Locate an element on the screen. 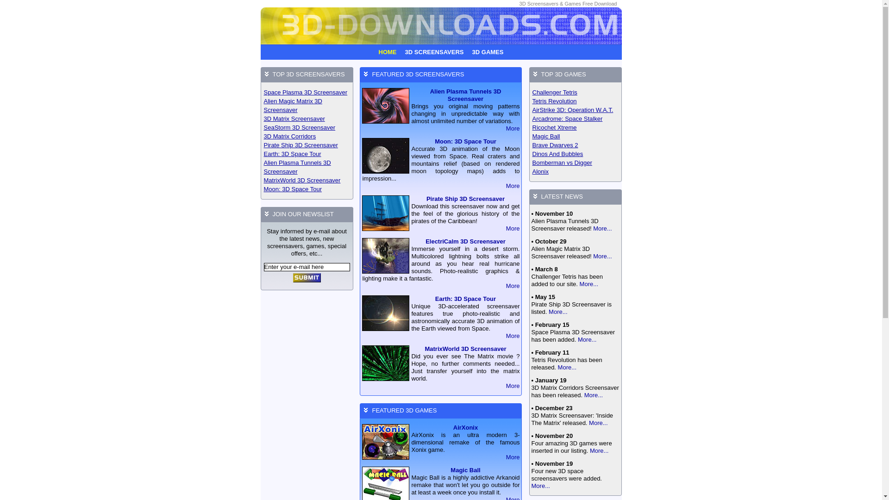 This screenshot has height=500, width=889. '3D Matrix Corridors' is located at coordinates (307, 136).